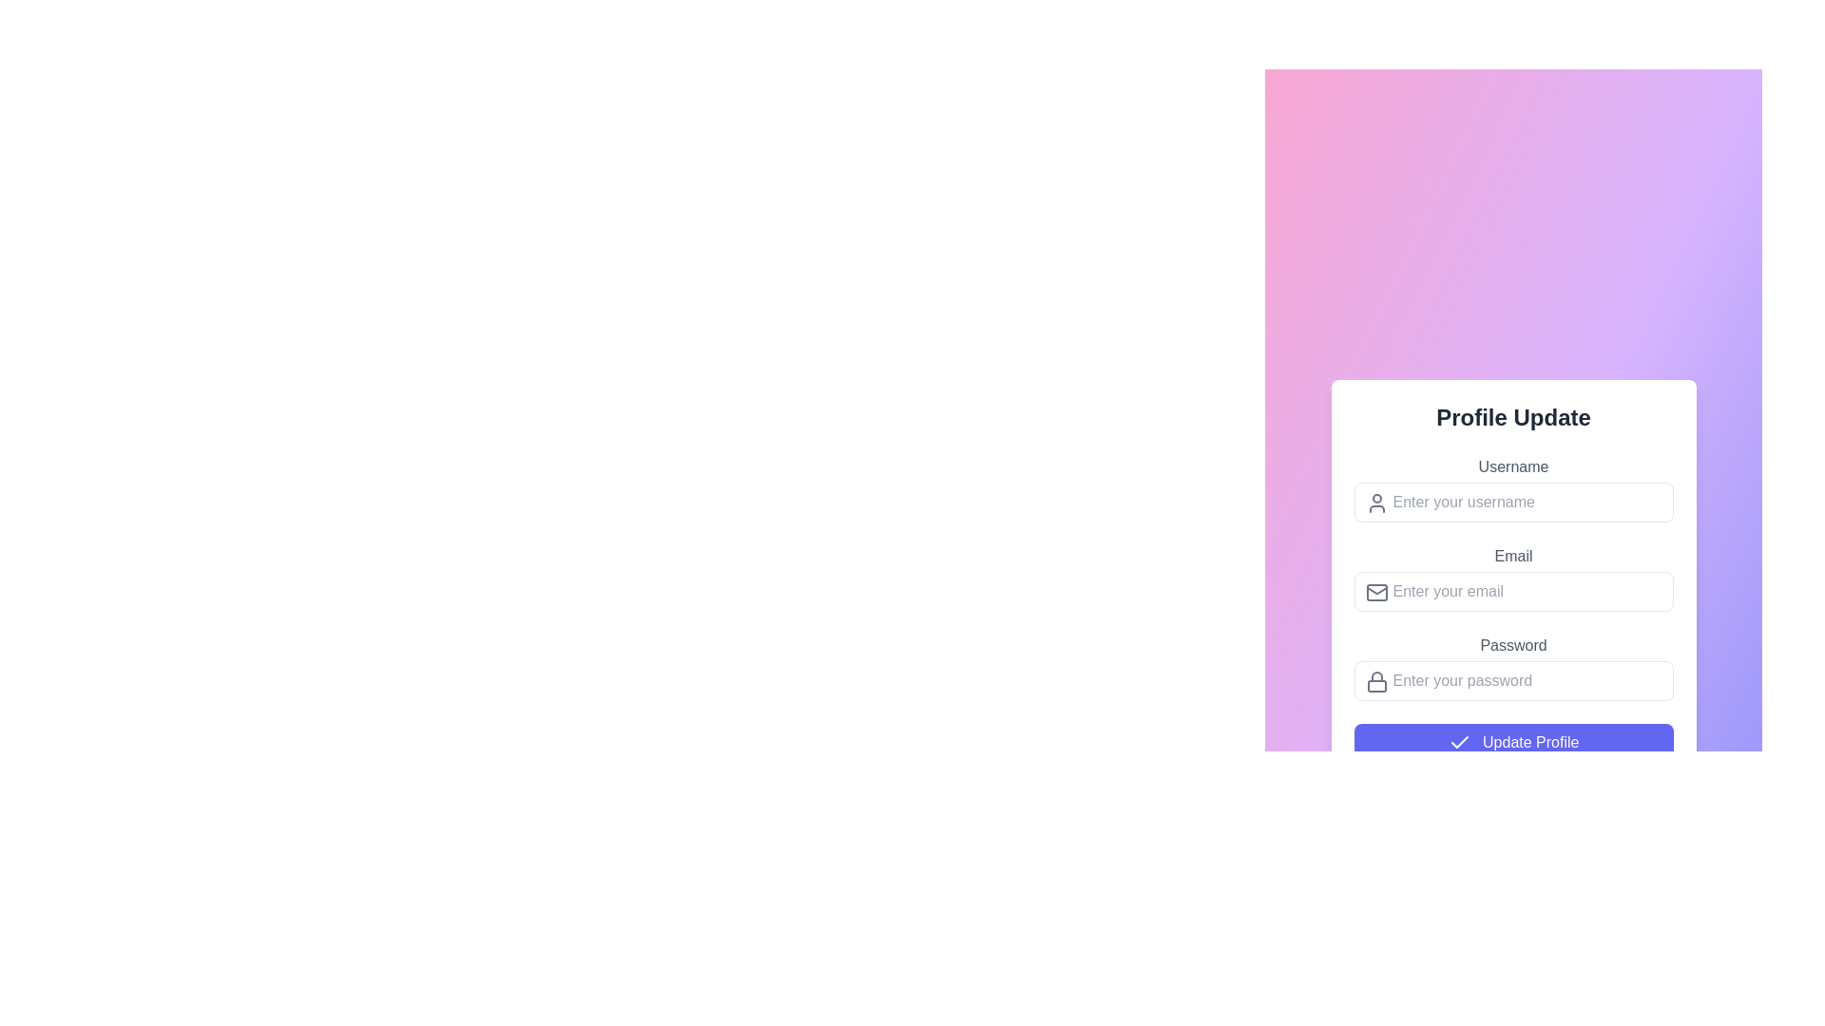  What do you see at coordinates (1376, 686) in the screenshot?
I see `the small rectangular icon component located within the lock icon next to the 'Password' input field, which is the third icon from the top` at bounding box center [1376, 686].